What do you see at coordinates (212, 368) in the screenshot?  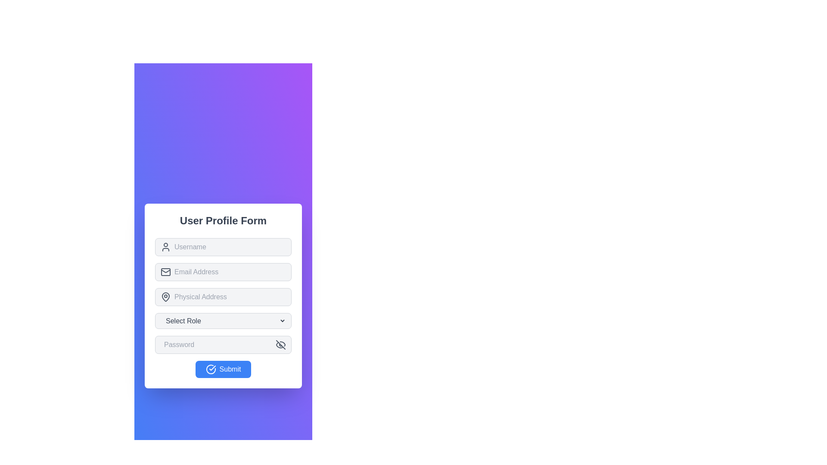 I see `the success icon located adjacent to the 'Submit' button at the bottom of the form to indicate successful completion or verification of an action` at bounding box center [212, 368].